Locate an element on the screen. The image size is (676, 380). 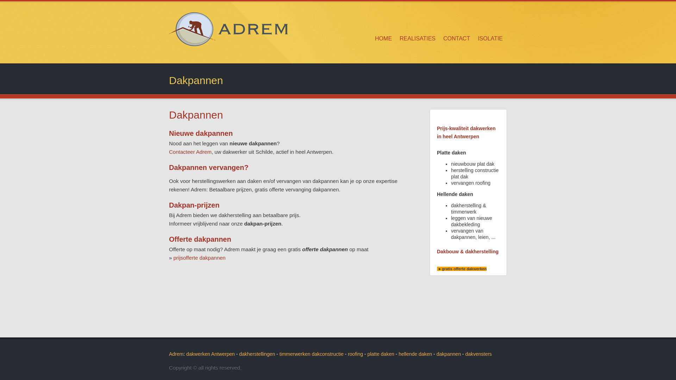
'Antwerpen' is located at coordinates (223, 354).